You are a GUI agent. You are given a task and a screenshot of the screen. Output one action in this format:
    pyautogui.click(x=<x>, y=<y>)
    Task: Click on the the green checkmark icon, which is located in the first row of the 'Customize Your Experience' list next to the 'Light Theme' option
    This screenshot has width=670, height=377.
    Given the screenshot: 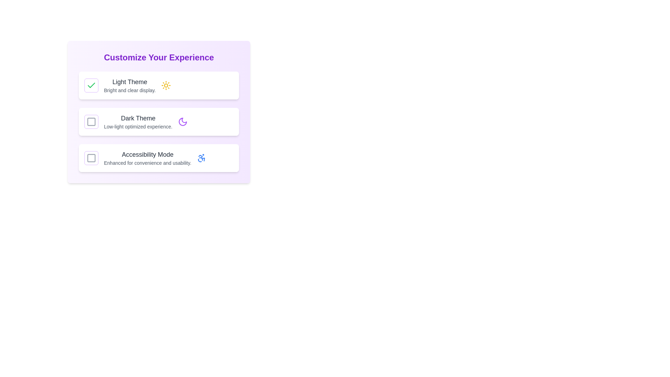 What is the action you would take?
    pyautogui.click(x=91, y=85)
    